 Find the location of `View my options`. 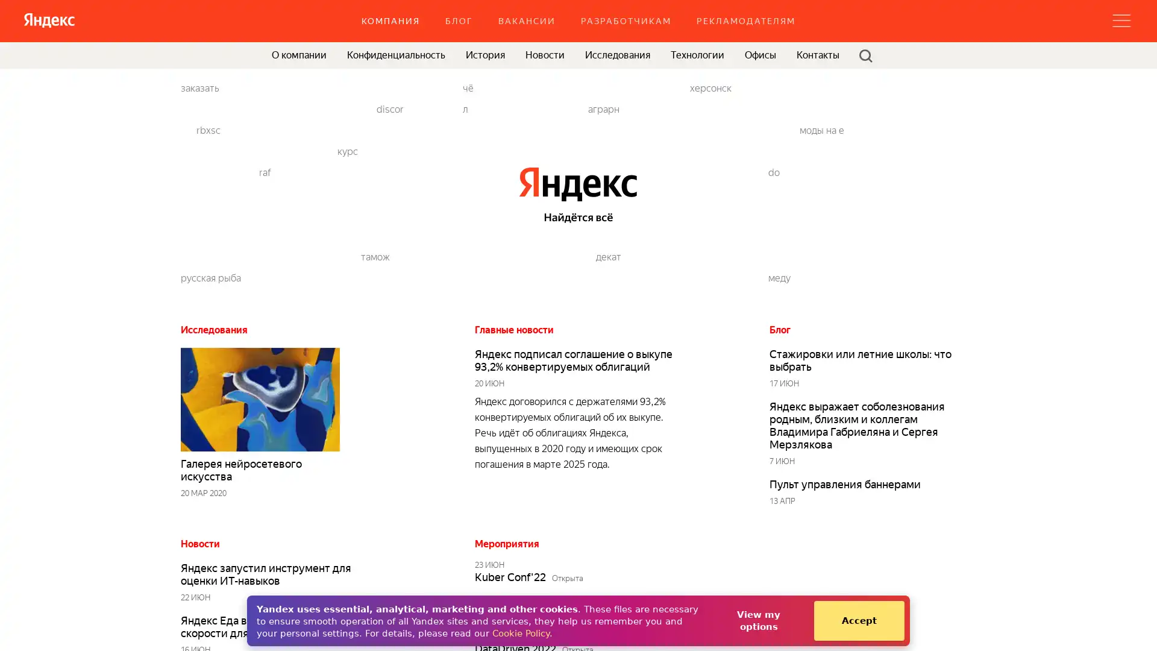

View my options is located at coordinates (757, 620).